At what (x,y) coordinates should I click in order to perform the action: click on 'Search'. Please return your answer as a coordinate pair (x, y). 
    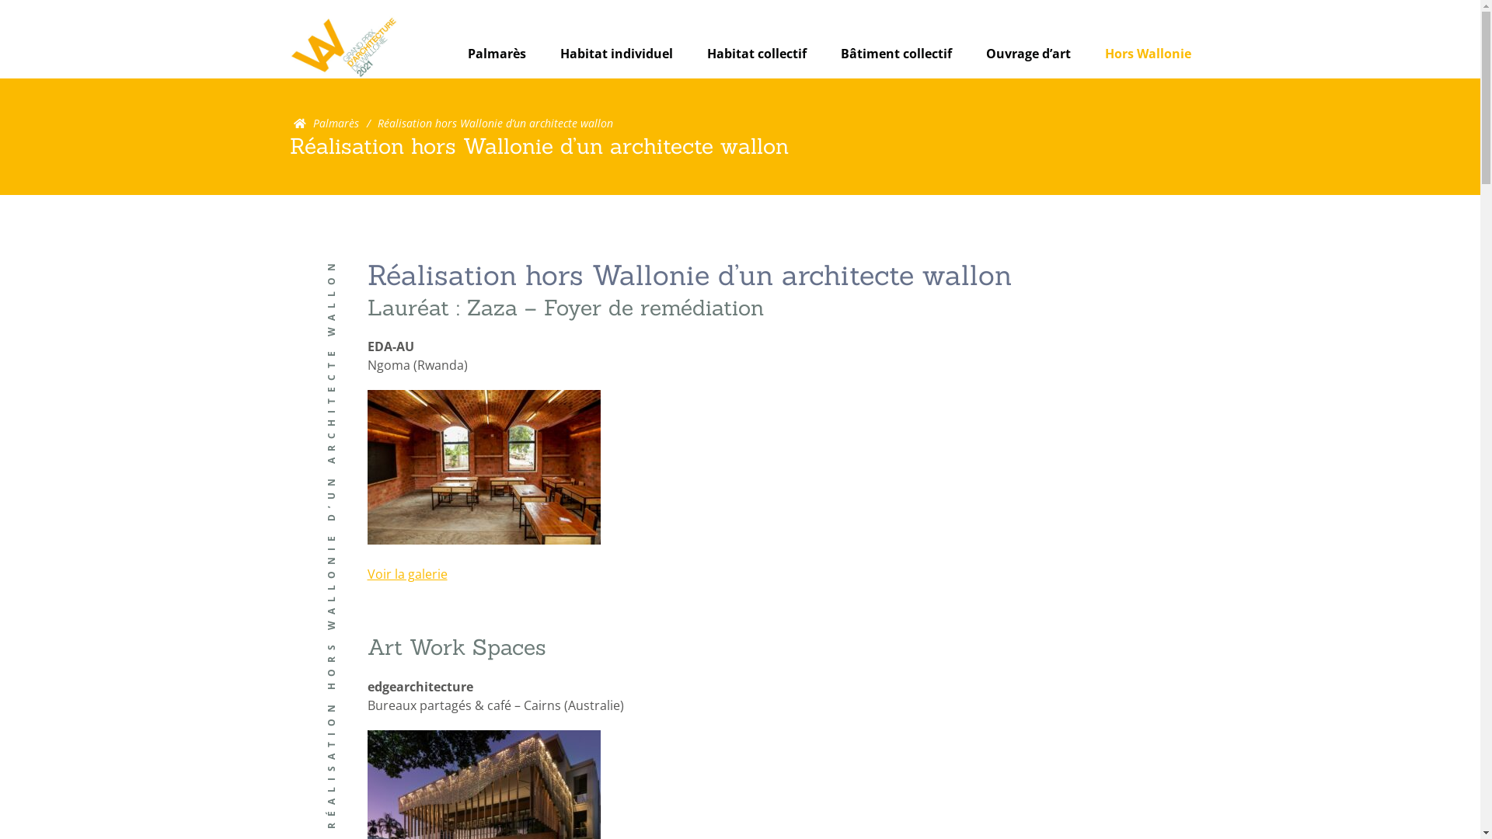
    Looking at the image, I should click on (894, 85).